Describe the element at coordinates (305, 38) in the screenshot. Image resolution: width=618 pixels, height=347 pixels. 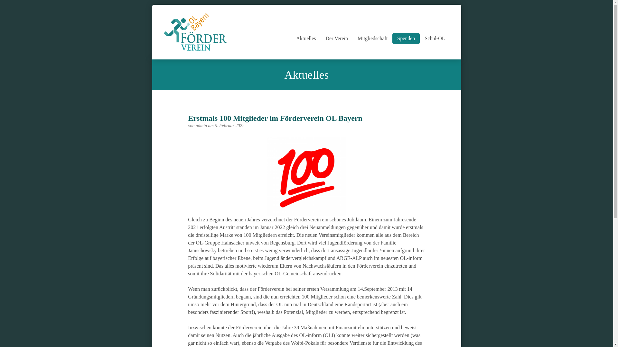
I see `'Aktuelles'` at that location.